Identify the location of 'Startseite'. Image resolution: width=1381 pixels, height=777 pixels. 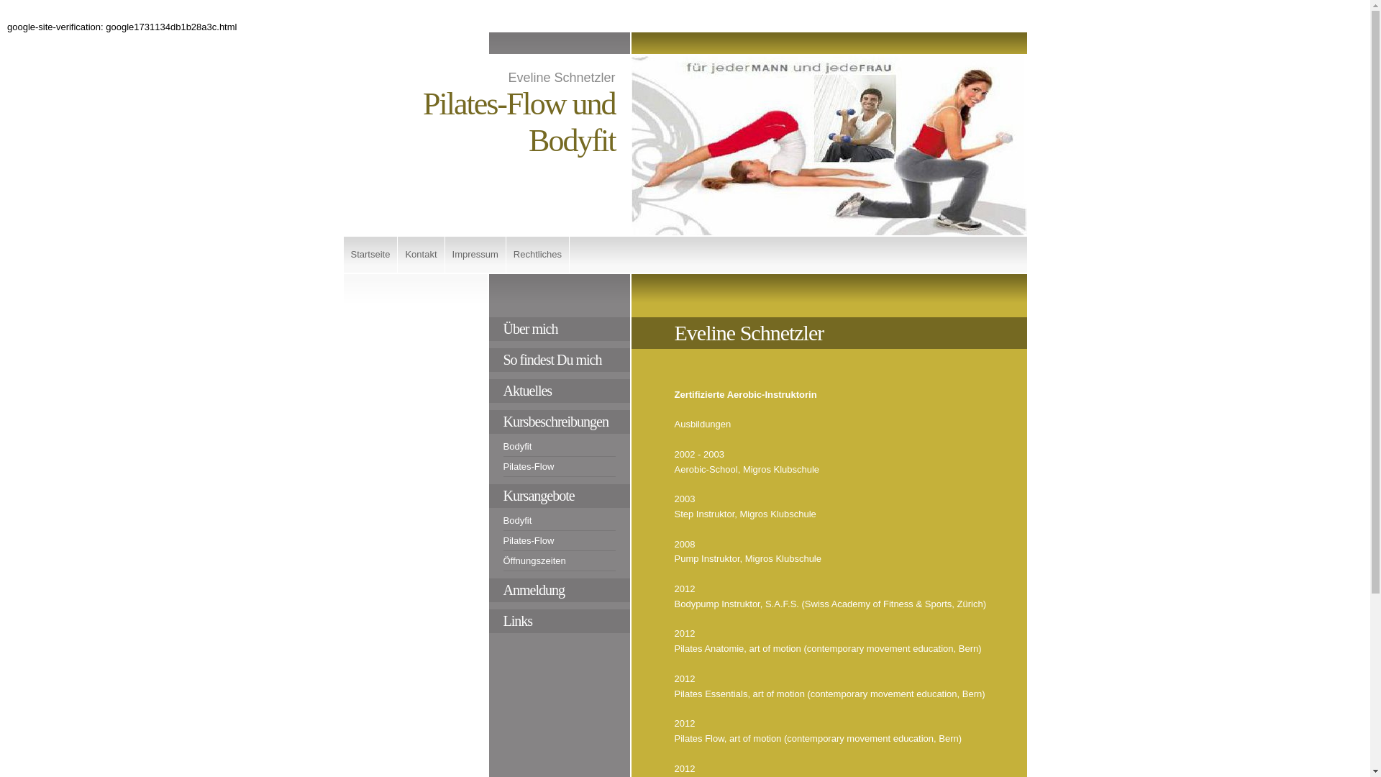
(370, 254).